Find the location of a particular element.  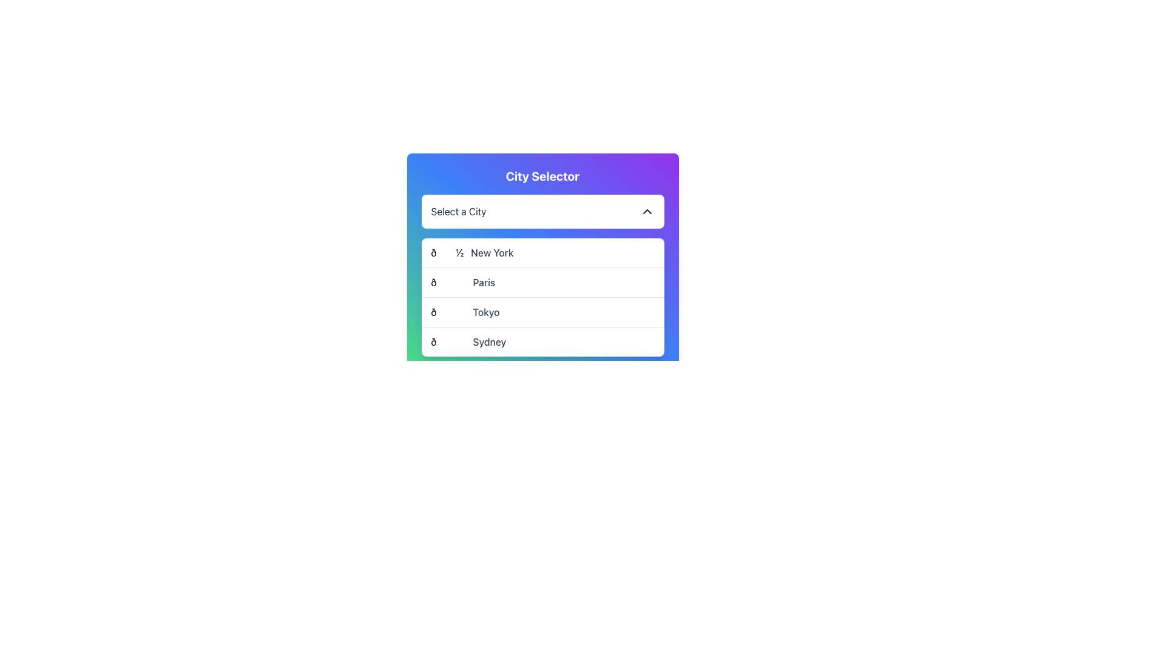

the text label representing the city 'Sydney' within the dropdown menu titled 'City Selector' is located at coordinates (489, 341).